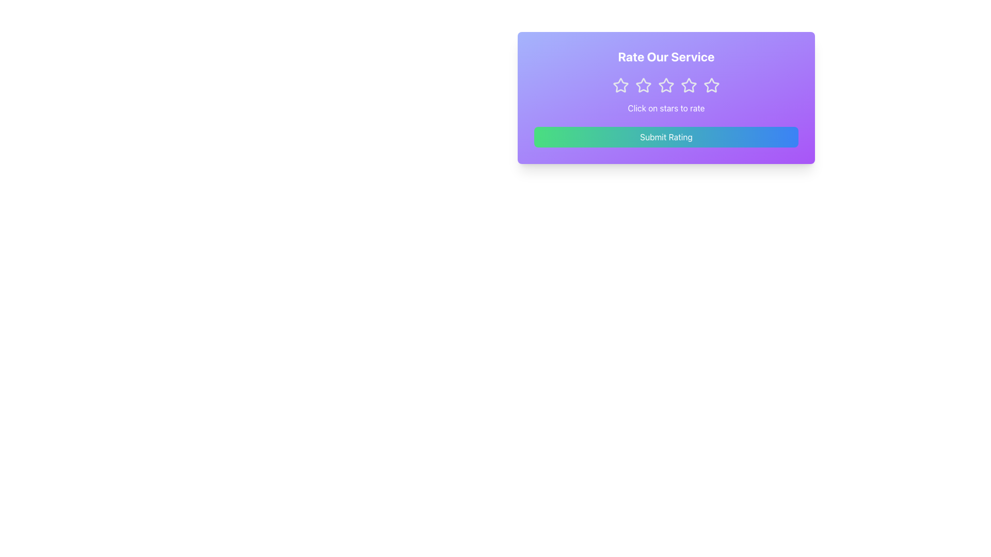  What do you see at coordinates (666, 108) in the screenshot?
I see `the text label that instructs 'Click on stars to rate', which is styled with white text on a purple background and is located below the star icons in the rating interface` at bounding box center [666, 108].